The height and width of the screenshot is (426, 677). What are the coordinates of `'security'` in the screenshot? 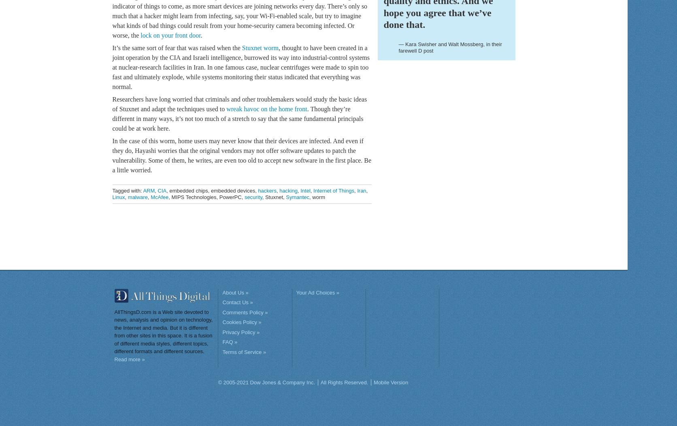 It's located at (252, 197).